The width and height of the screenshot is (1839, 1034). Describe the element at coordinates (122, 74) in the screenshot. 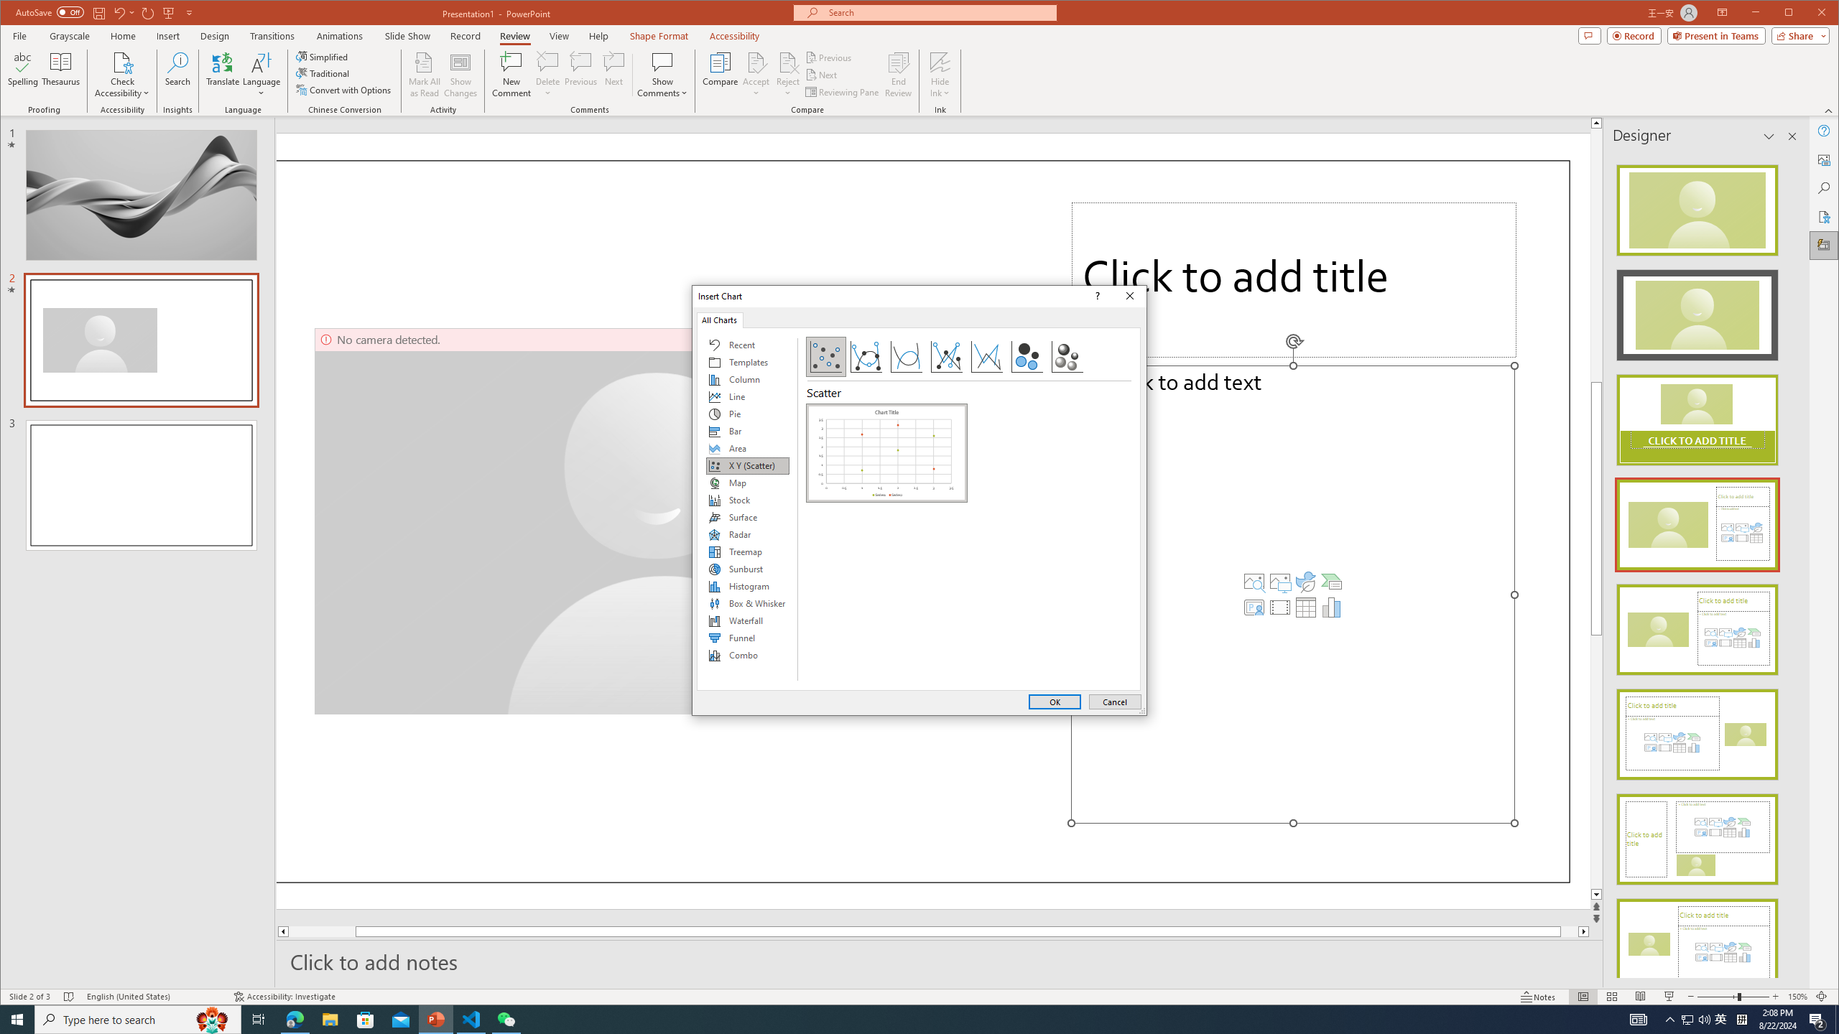

I see `'Check Accessibility'` at that location.